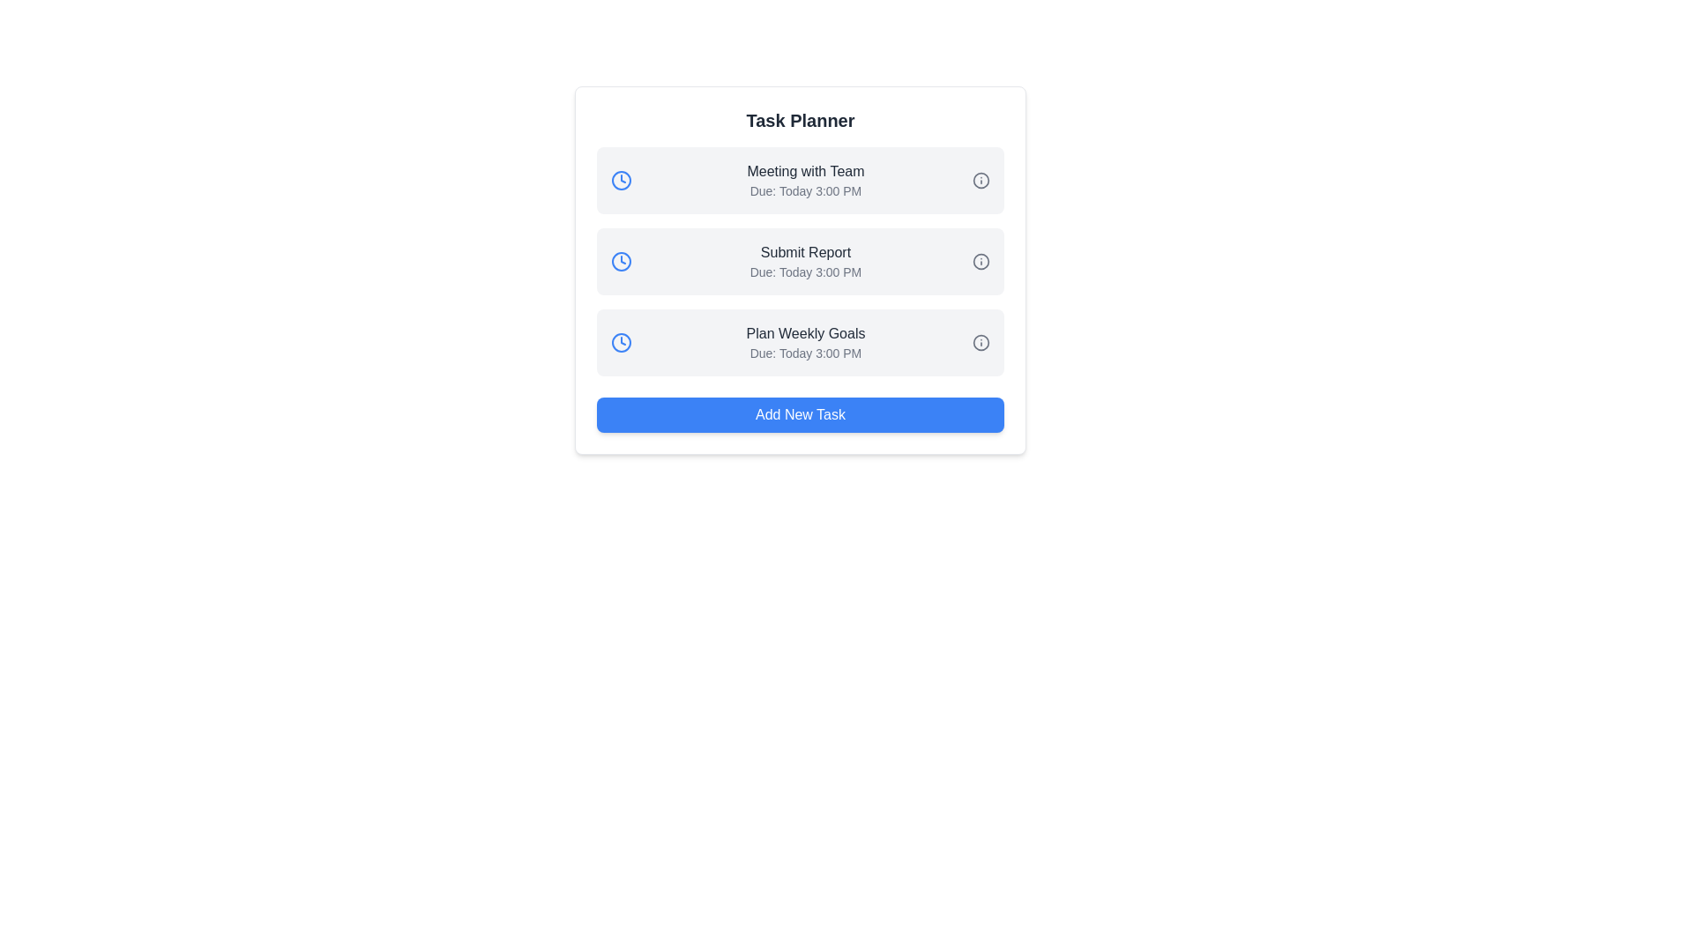 The width and height of the screenshot is (1693, 952). Describe the element at coordinates (804, 262) in the screenshot. I see `the non-interactive text block displaying task details, located within the second task of the vertically-stacked list under the 'Task Planner' heading` at that location.